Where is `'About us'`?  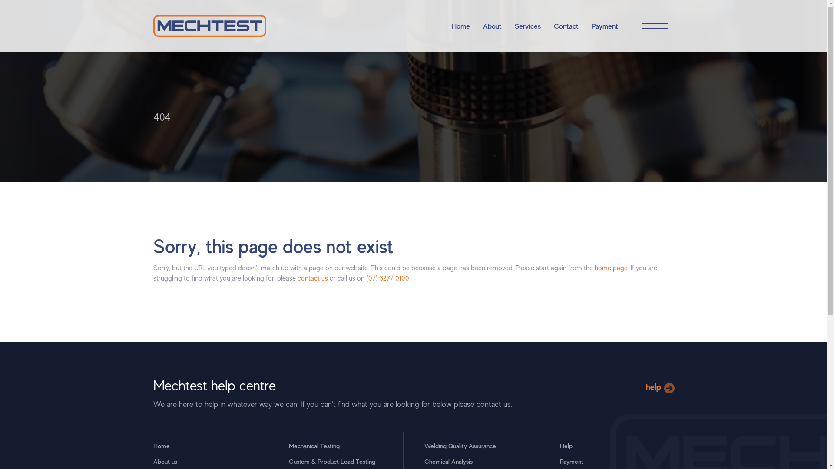
'About us' is located at coordinates (165, 461).